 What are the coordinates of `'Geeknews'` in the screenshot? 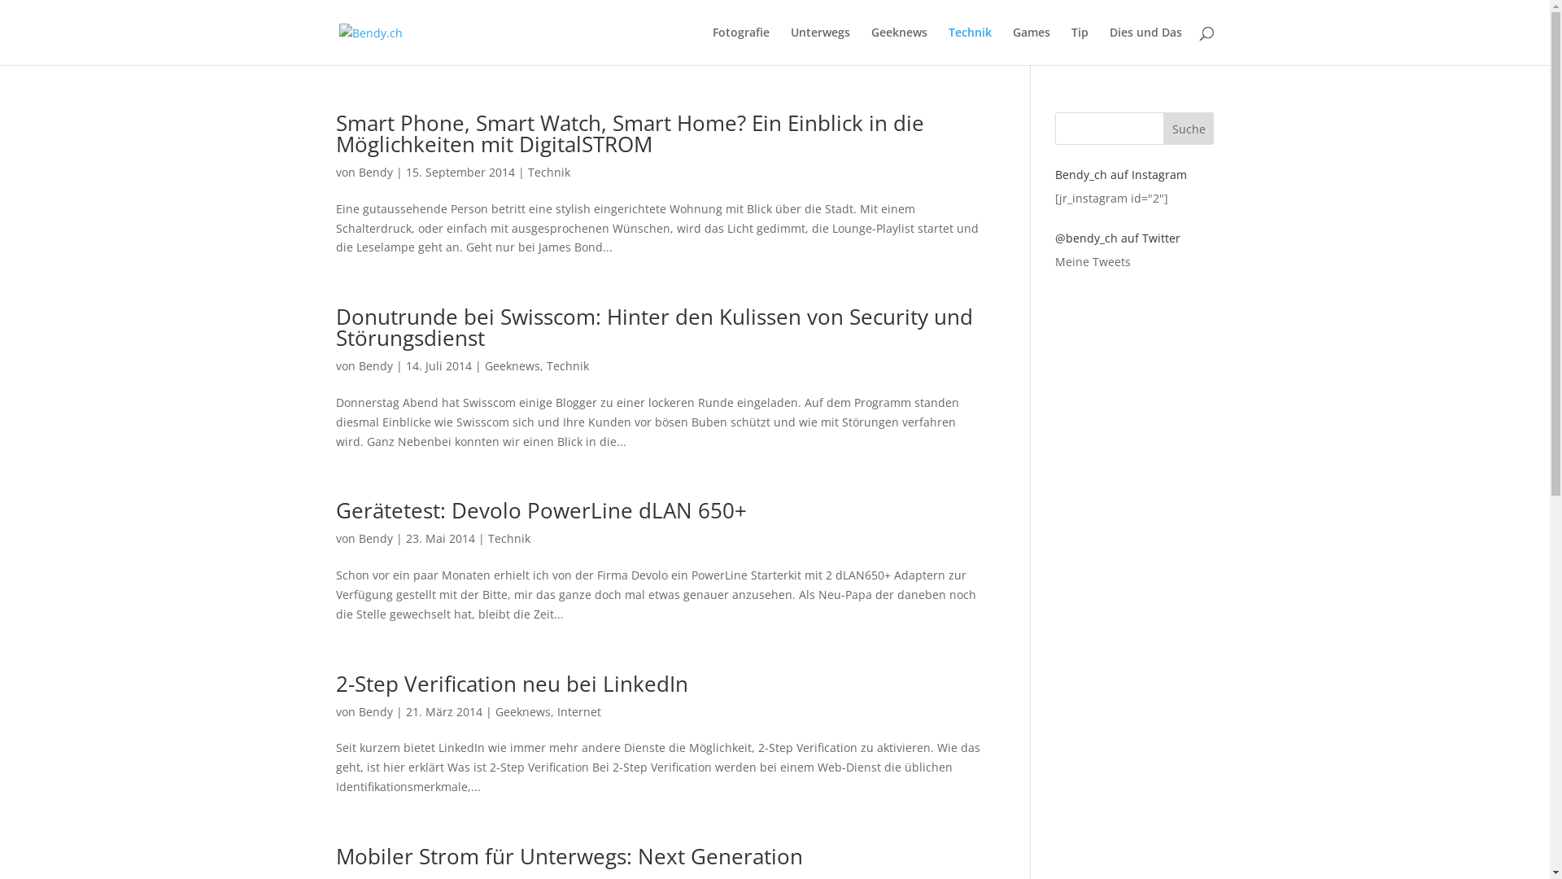 It's located at (483, 365).